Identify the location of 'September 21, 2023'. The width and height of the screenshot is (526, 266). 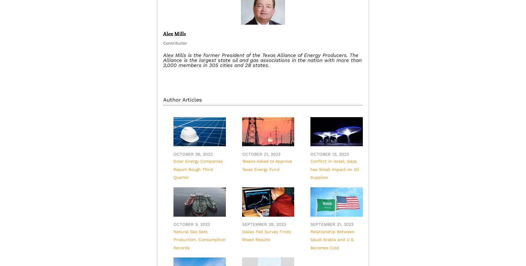
(331, 224).